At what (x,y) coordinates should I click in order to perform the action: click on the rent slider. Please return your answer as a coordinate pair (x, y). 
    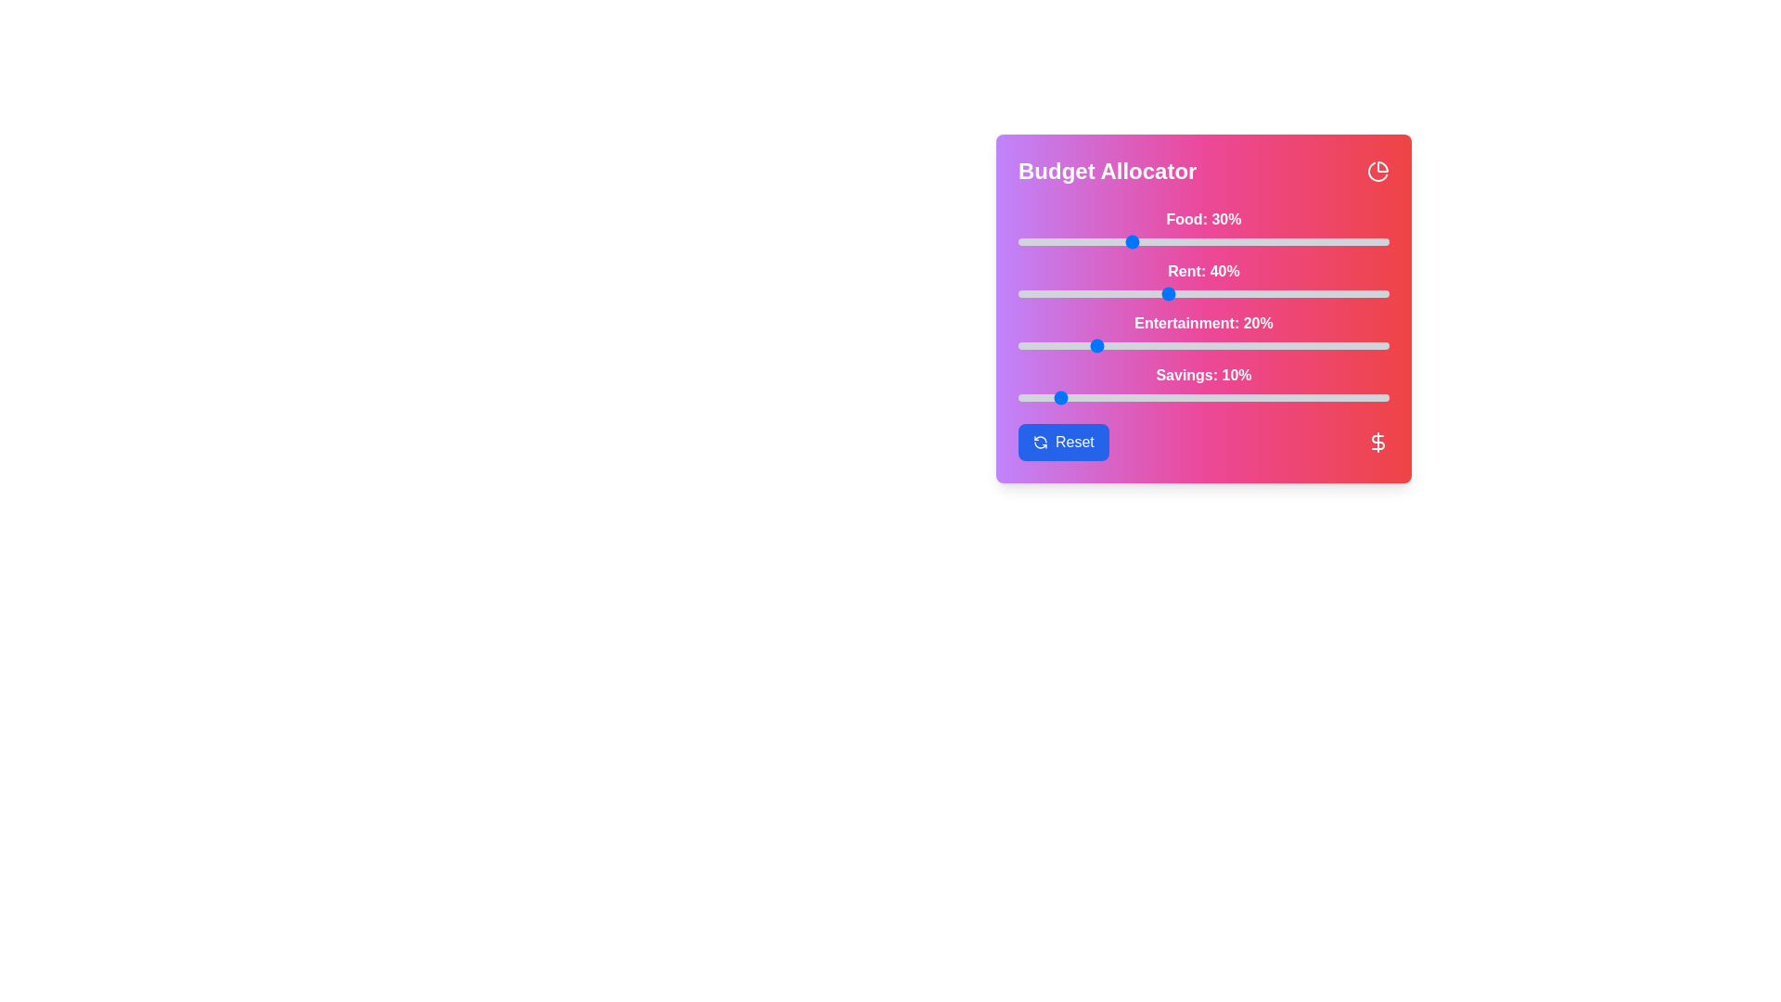
    Looking at the image, I should click on (1215, 292).